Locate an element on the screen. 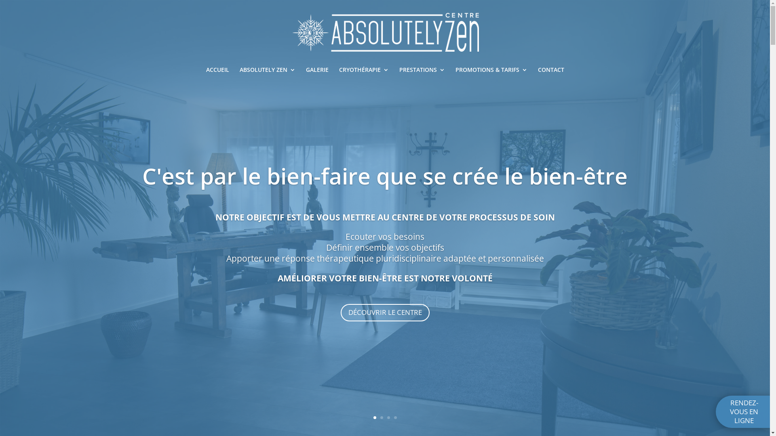 The height and width of the screenshot is (436, 776). 'GALERIE' is located at coordinates (316, 73).